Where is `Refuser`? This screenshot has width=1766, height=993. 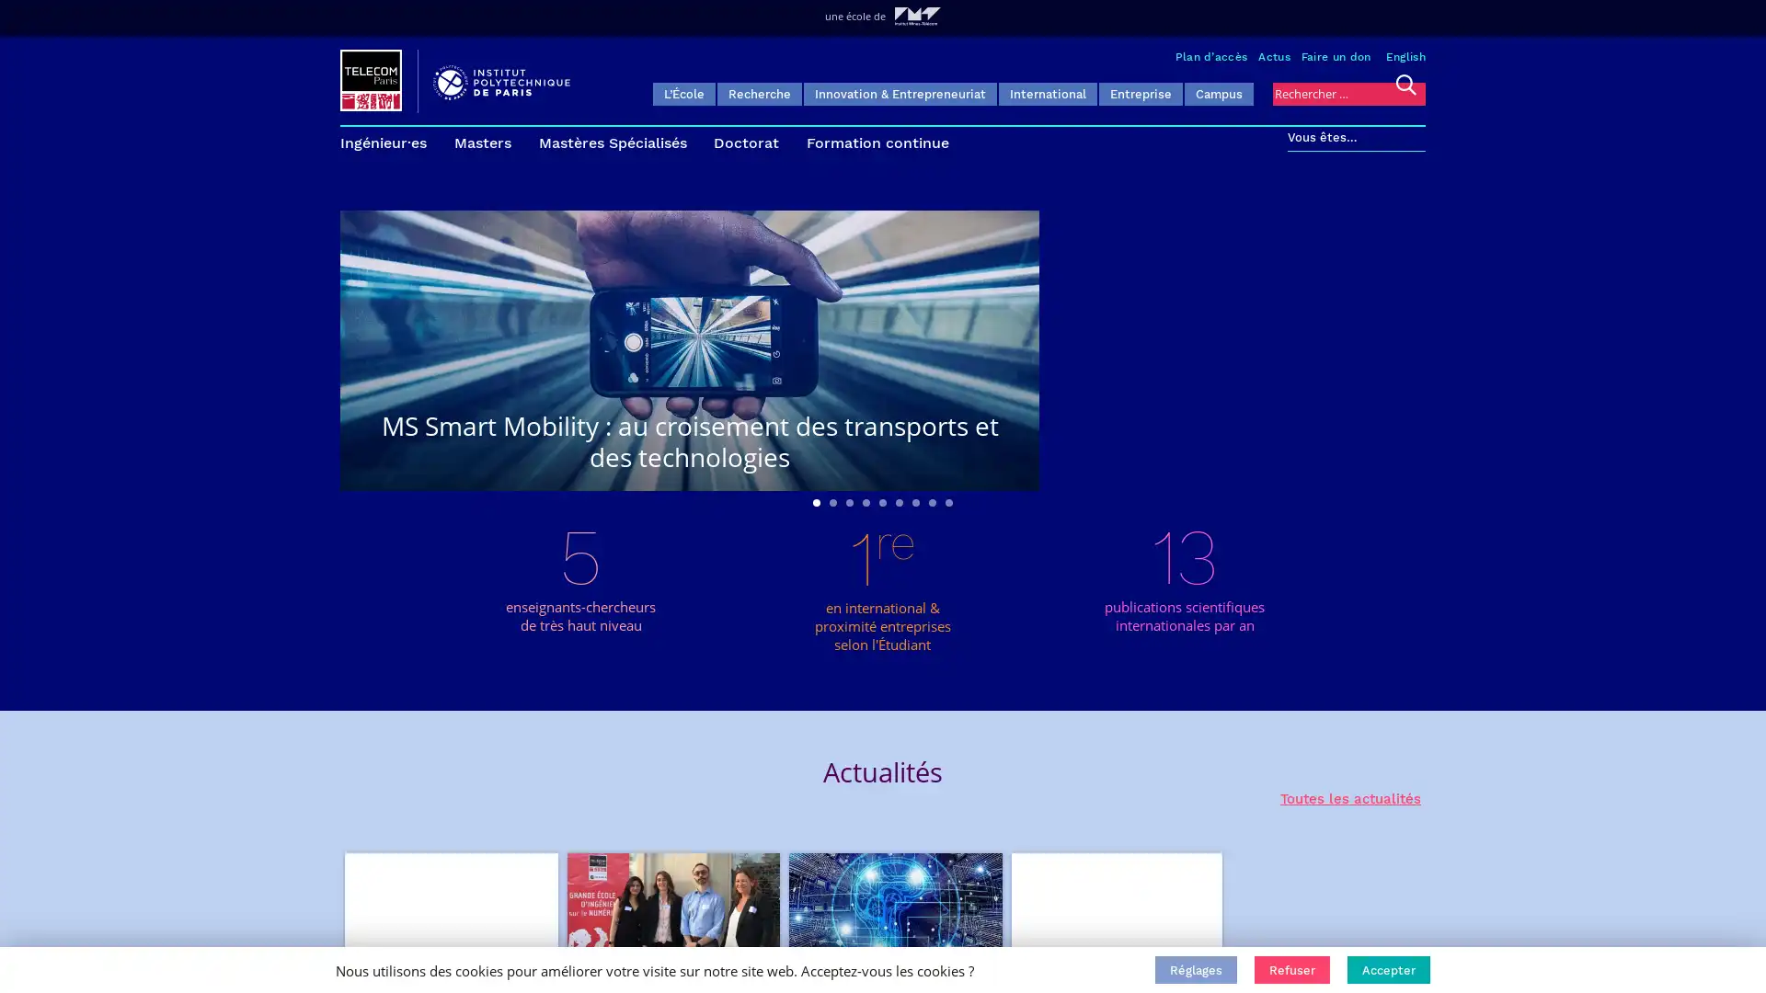 Refuser is located at coordinates (1291, 968).